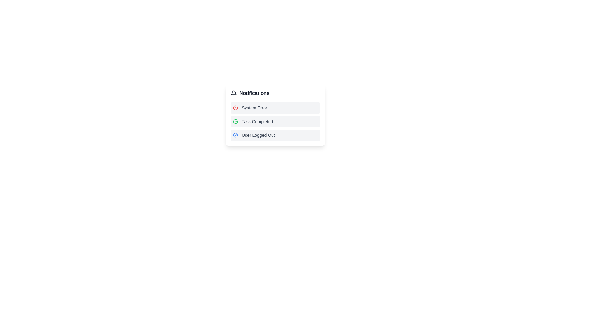 Image resolution: width=596 pixels, height=335 pixels. I want to click on text label that says 'Task Completed', which is styled in a small, gray-colored font and is located within a notification card, in the second position from the top among a list of notifications, so click(257, 122).